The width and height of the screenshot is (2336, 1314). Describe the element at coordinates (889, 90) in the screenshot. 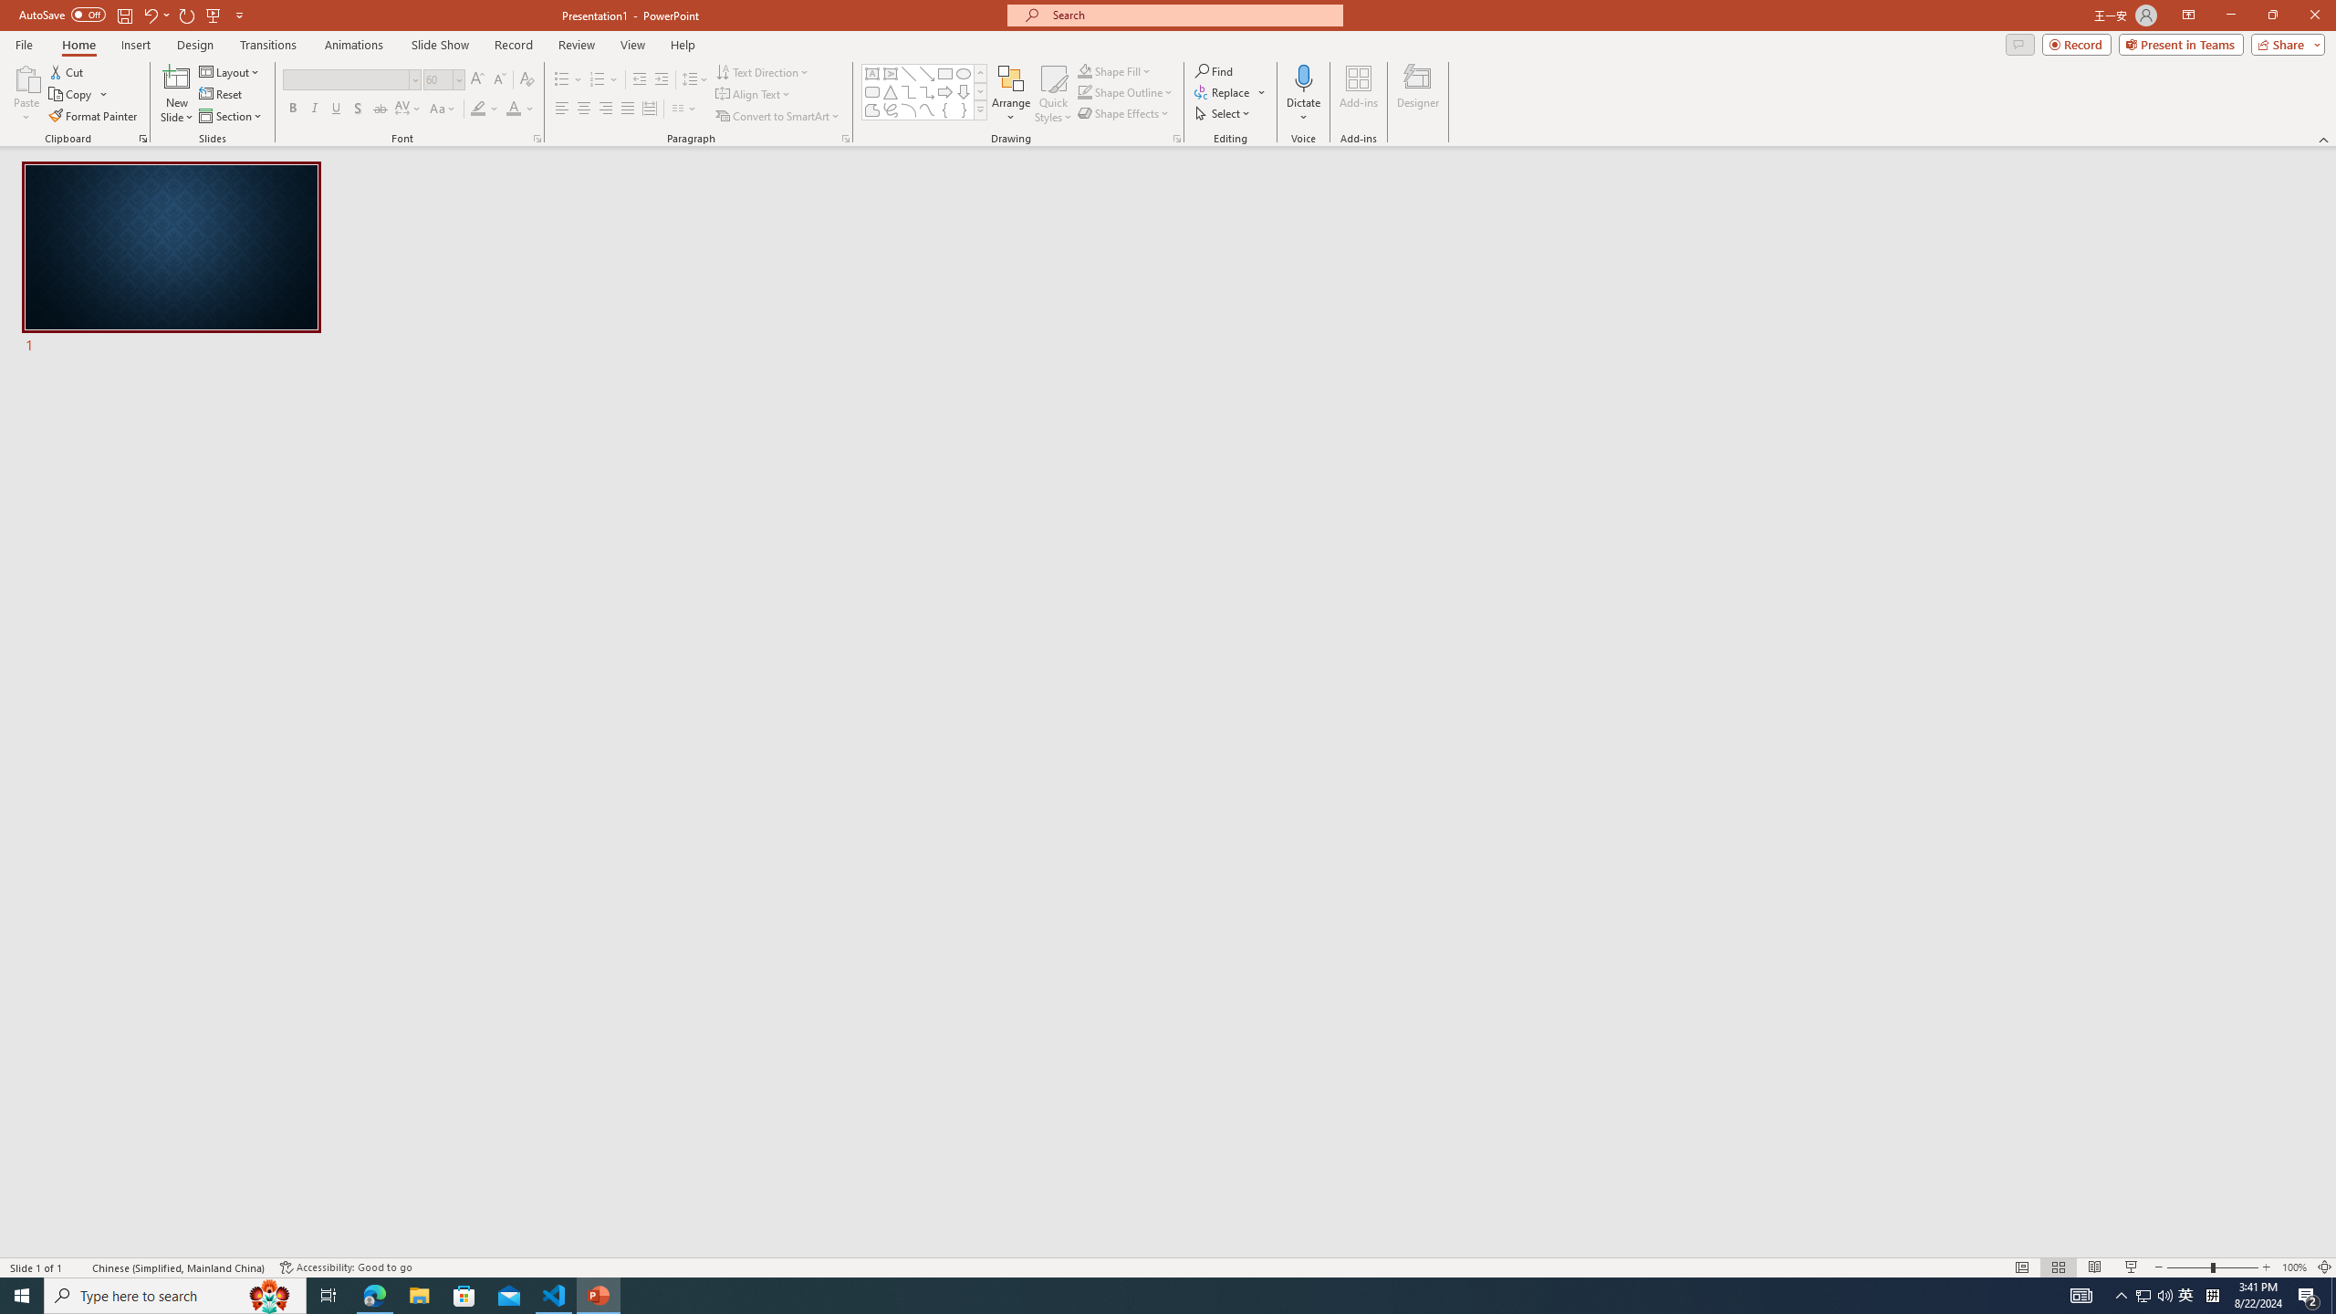

I see `'Isosceles Triangle'` at that location.